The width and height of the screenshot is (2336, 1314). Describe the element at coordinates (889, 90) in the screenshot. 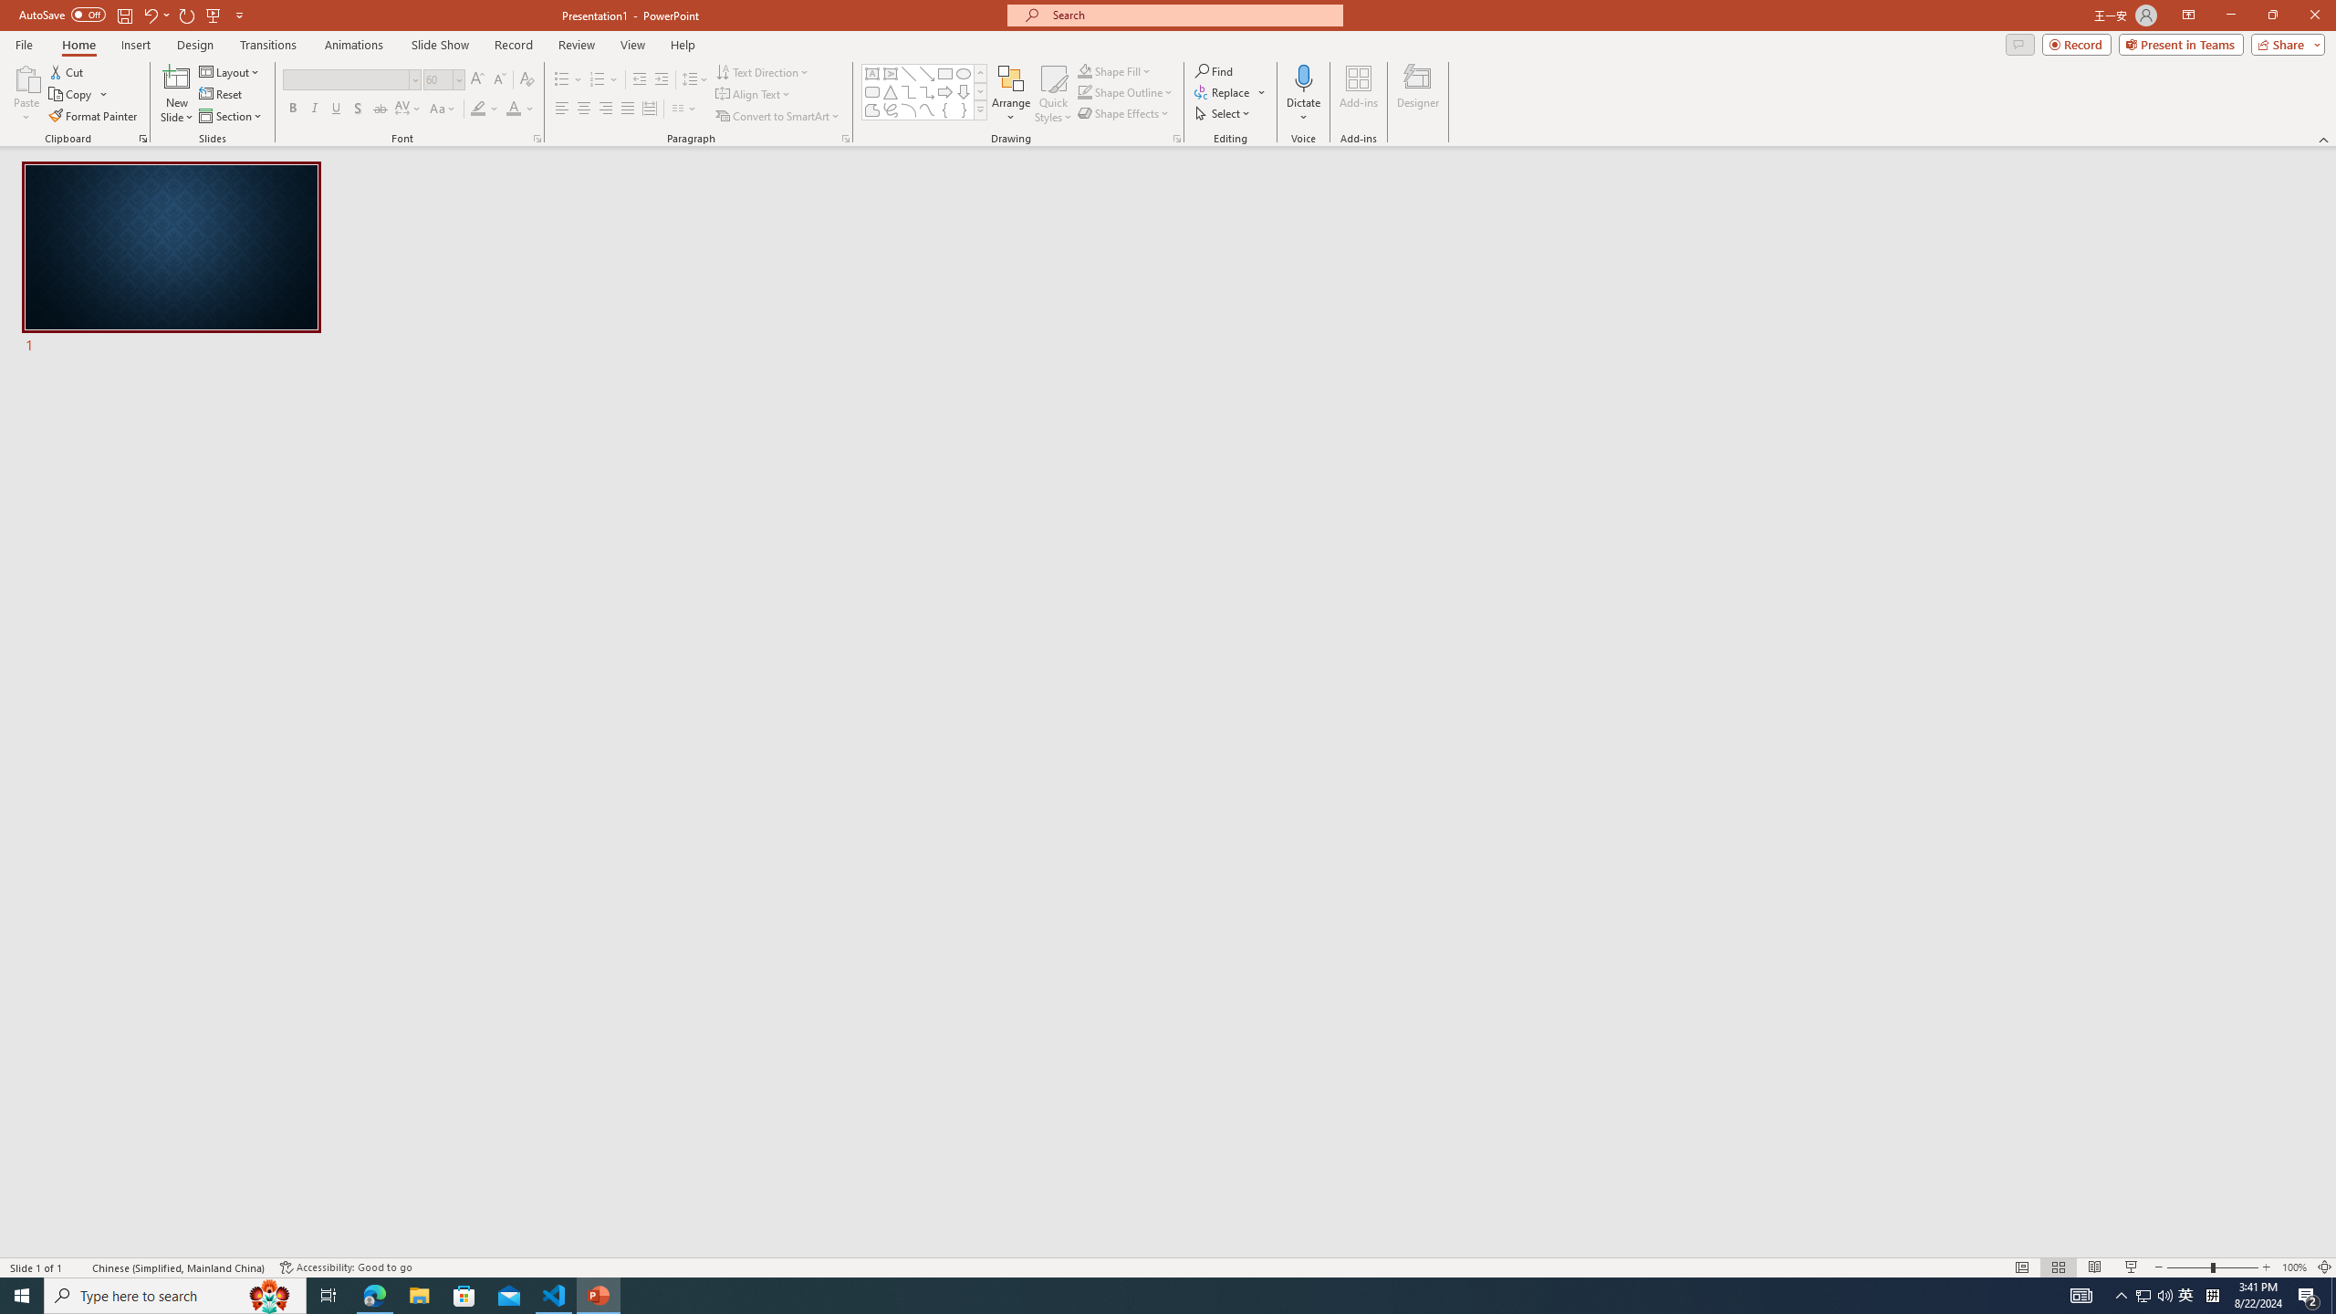

I see `'Isosceles Triangle'` at that location.